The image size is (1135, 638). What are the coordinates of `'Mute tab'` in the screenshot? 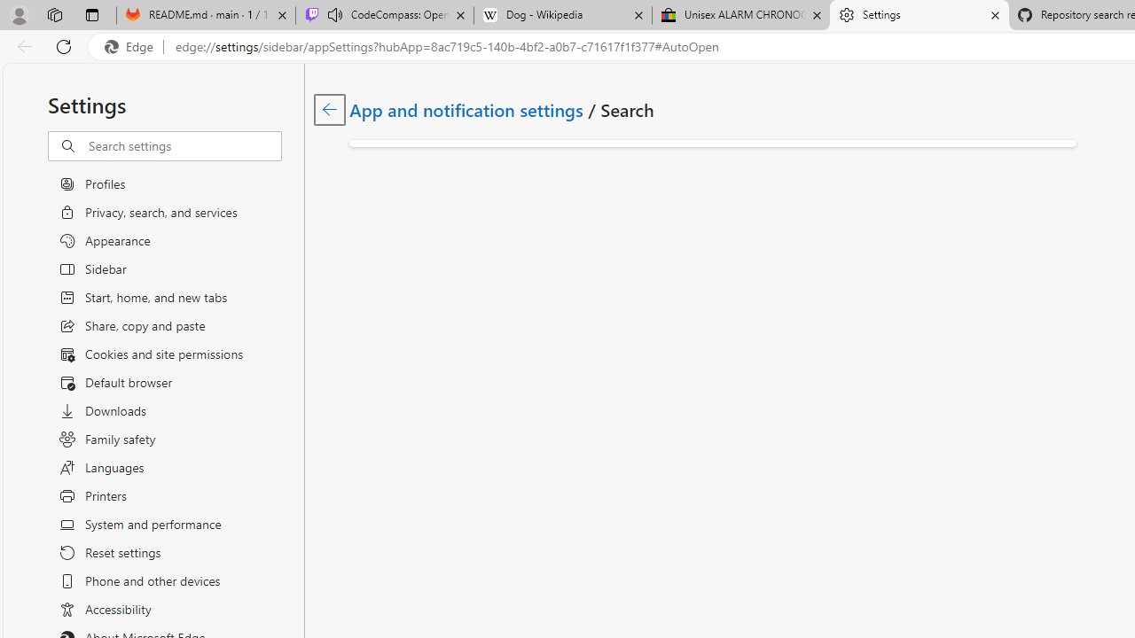 It's located at (335, 14).